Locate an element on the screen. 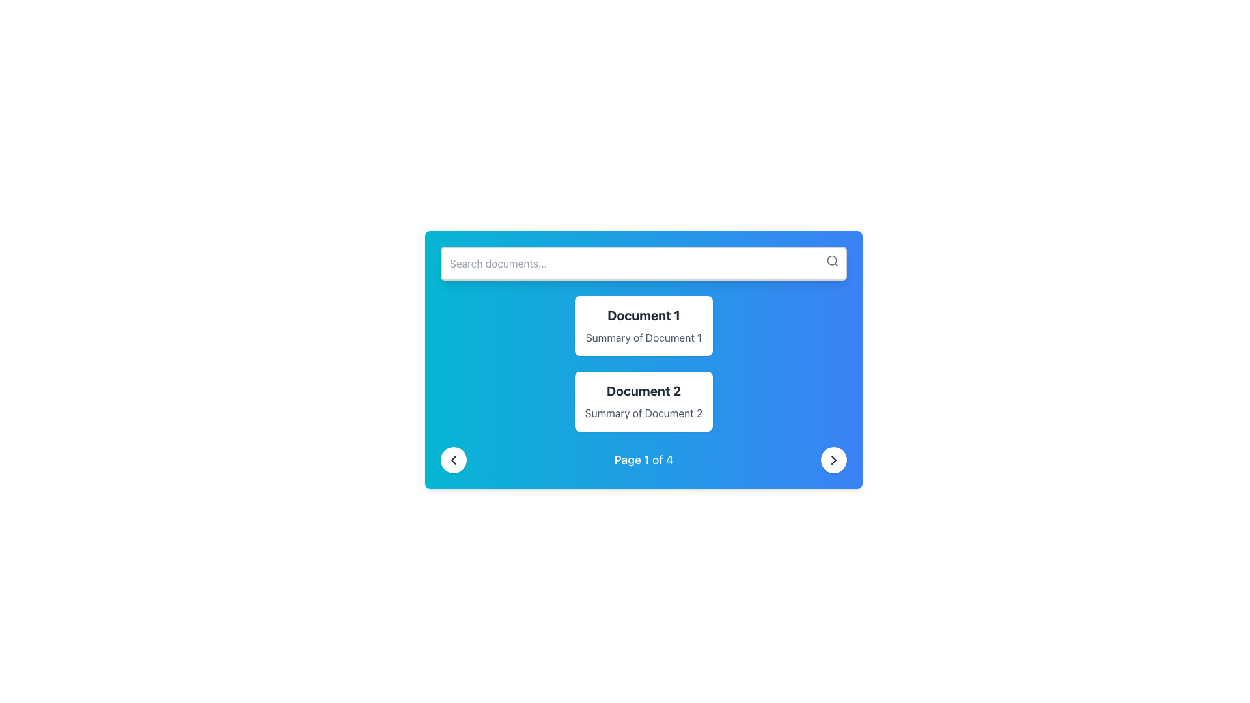 Image resolution: width=1250 pixels, height=703 pixels. the circular button with a white background and a rightward-pointing chevron icon, located at the far right of the bottom navigation bar labeled 'Page 1 of 4' is located at coordinates (834, 459).